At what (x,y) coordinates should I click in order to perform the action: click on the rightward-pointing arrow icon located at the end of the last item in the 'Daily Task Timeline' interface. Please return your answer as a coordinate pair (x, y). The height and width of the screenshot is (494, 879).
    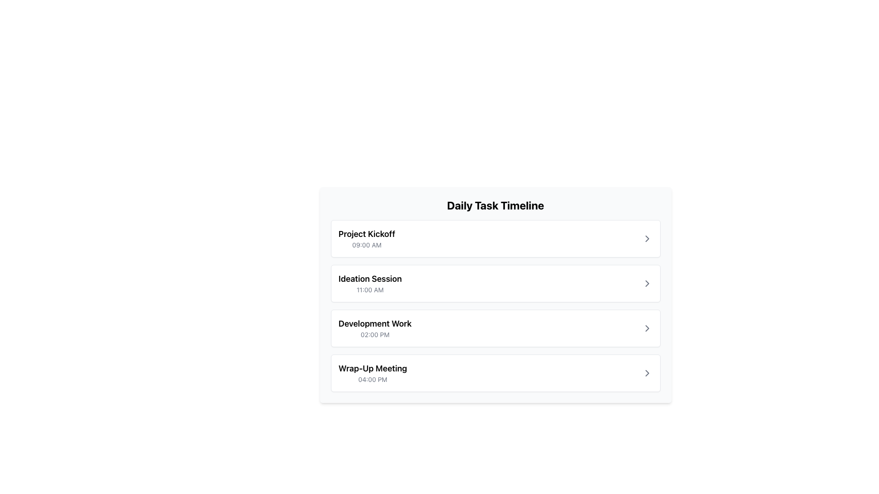
    Looking at the image, I should click on (646, 373).